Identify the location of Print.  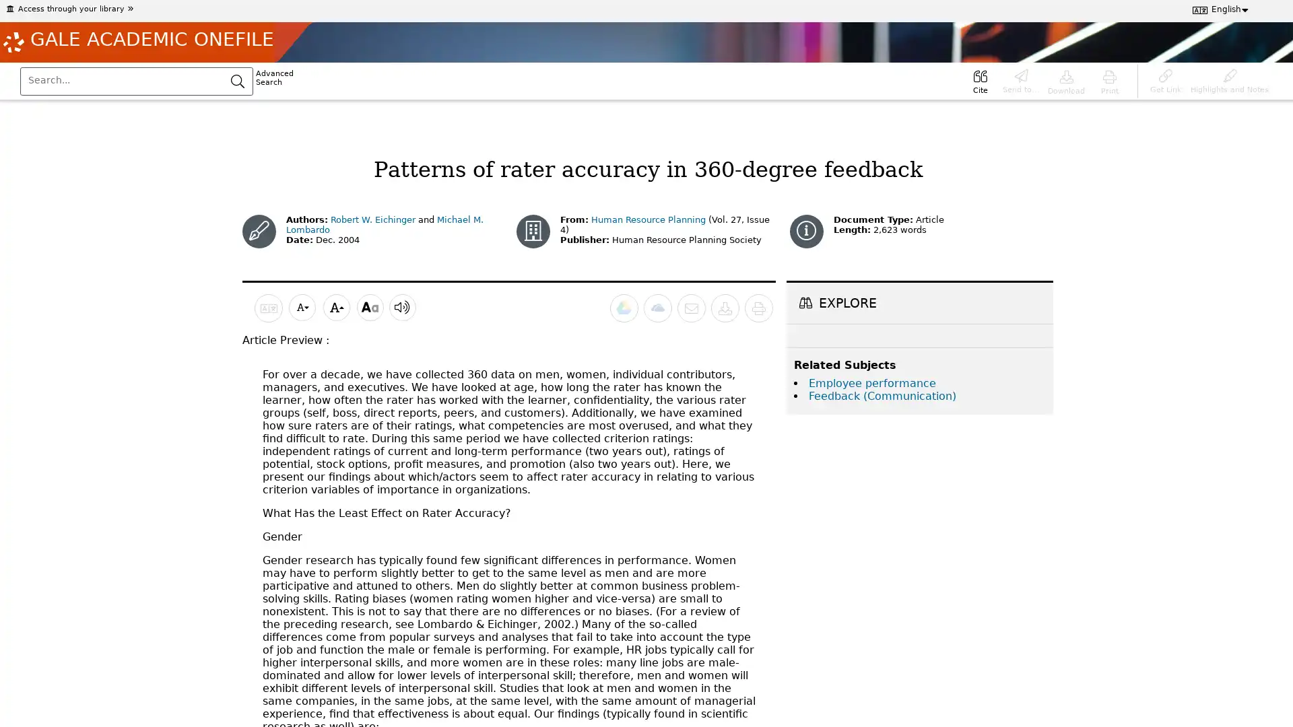
(1109, 81).